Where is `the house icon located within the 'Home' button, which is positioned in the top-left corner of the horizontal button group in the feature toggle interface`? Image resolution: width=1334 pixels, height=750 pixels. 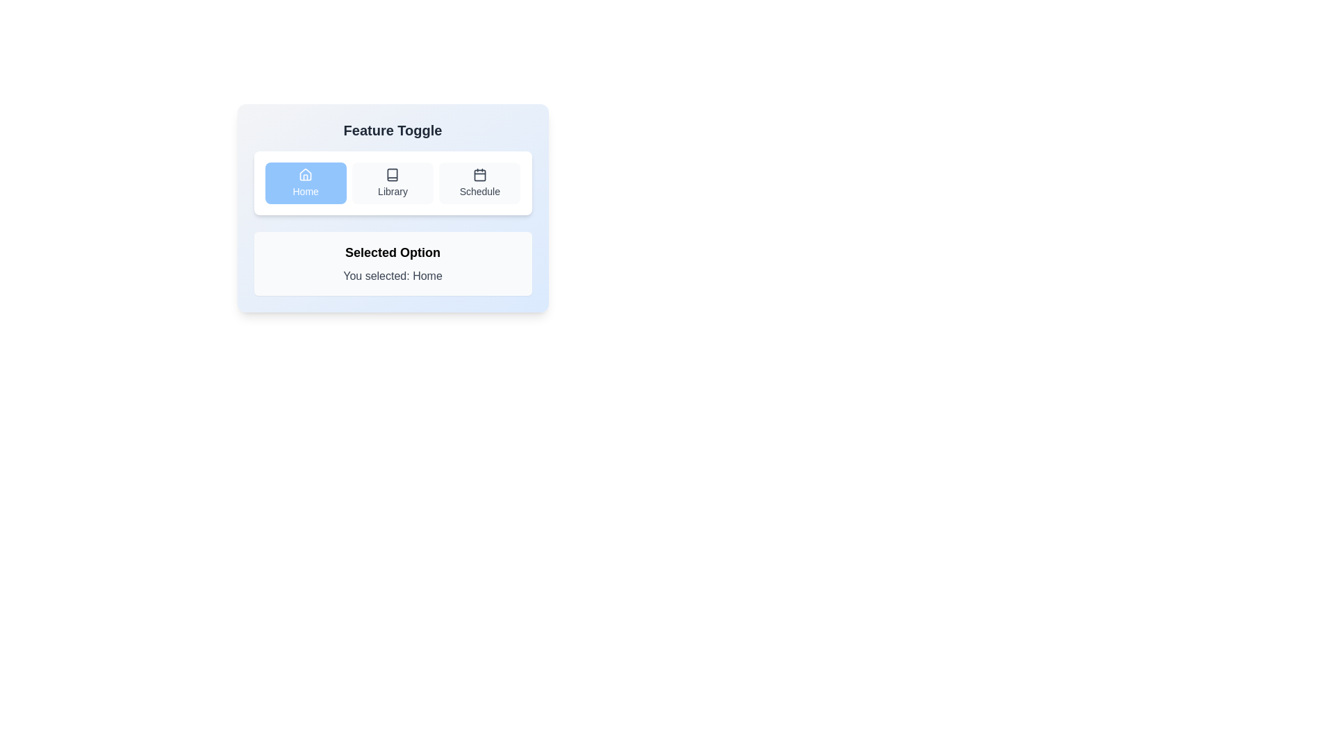 the house icon located within the 'Home' button, which is positioned in the top-left corner of the horizontal button group in the feature toggle interface is located at coordinates (305, 174).